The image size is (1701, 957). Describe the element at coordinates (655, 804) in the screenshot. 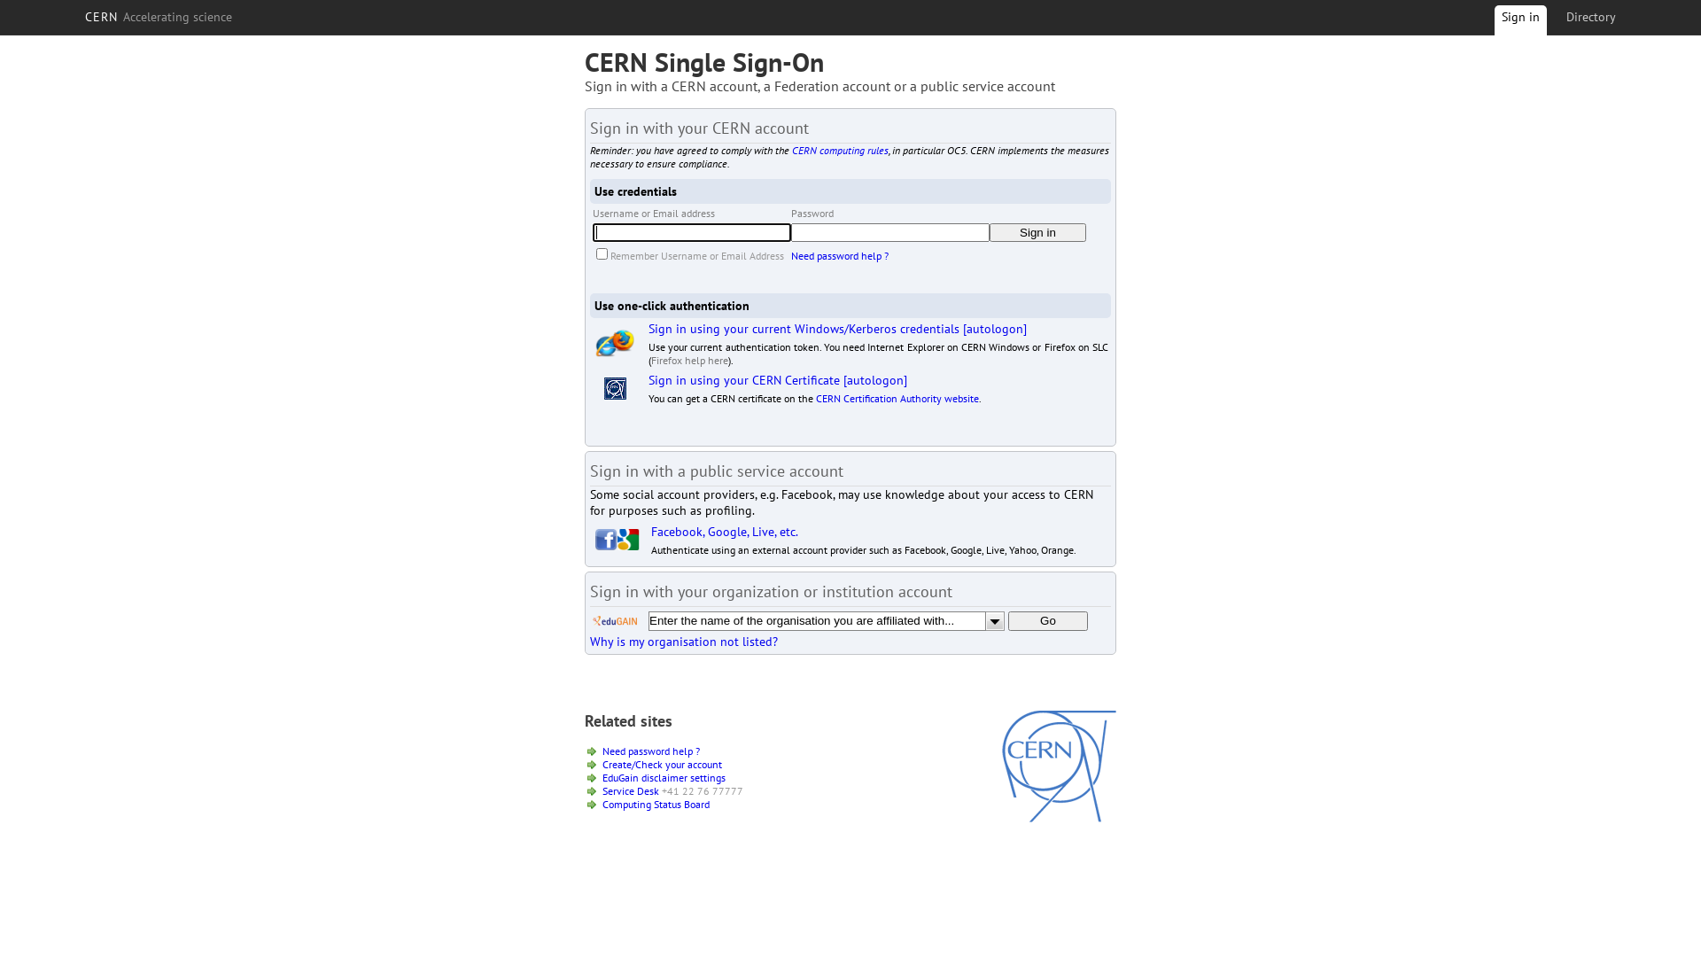

I see `'Computing Status Board'` at that location.